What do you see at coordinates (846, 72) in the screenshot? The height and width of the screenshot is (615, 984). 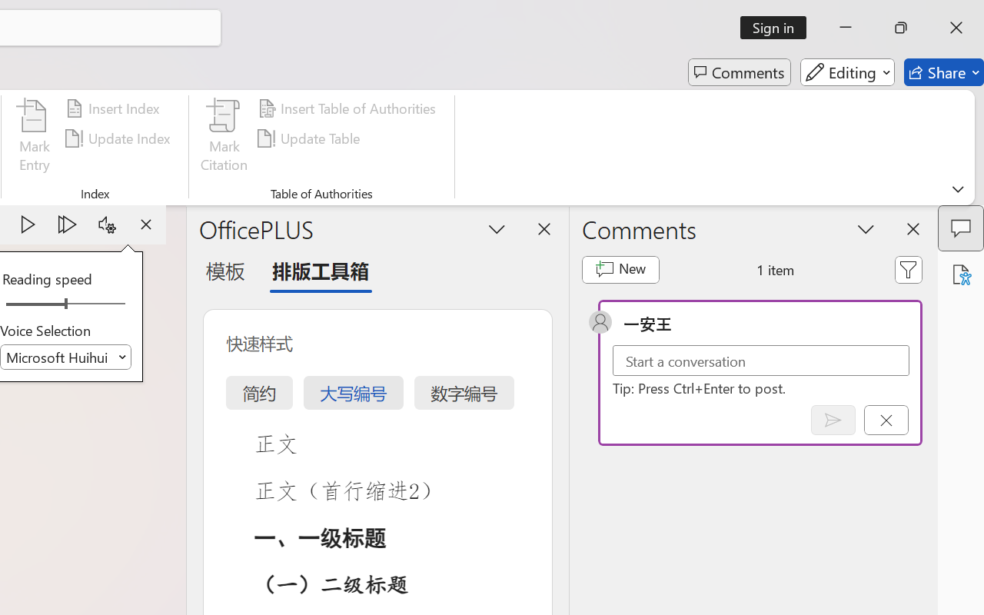 I see `'Editing'` at bounding box center [846, 72].